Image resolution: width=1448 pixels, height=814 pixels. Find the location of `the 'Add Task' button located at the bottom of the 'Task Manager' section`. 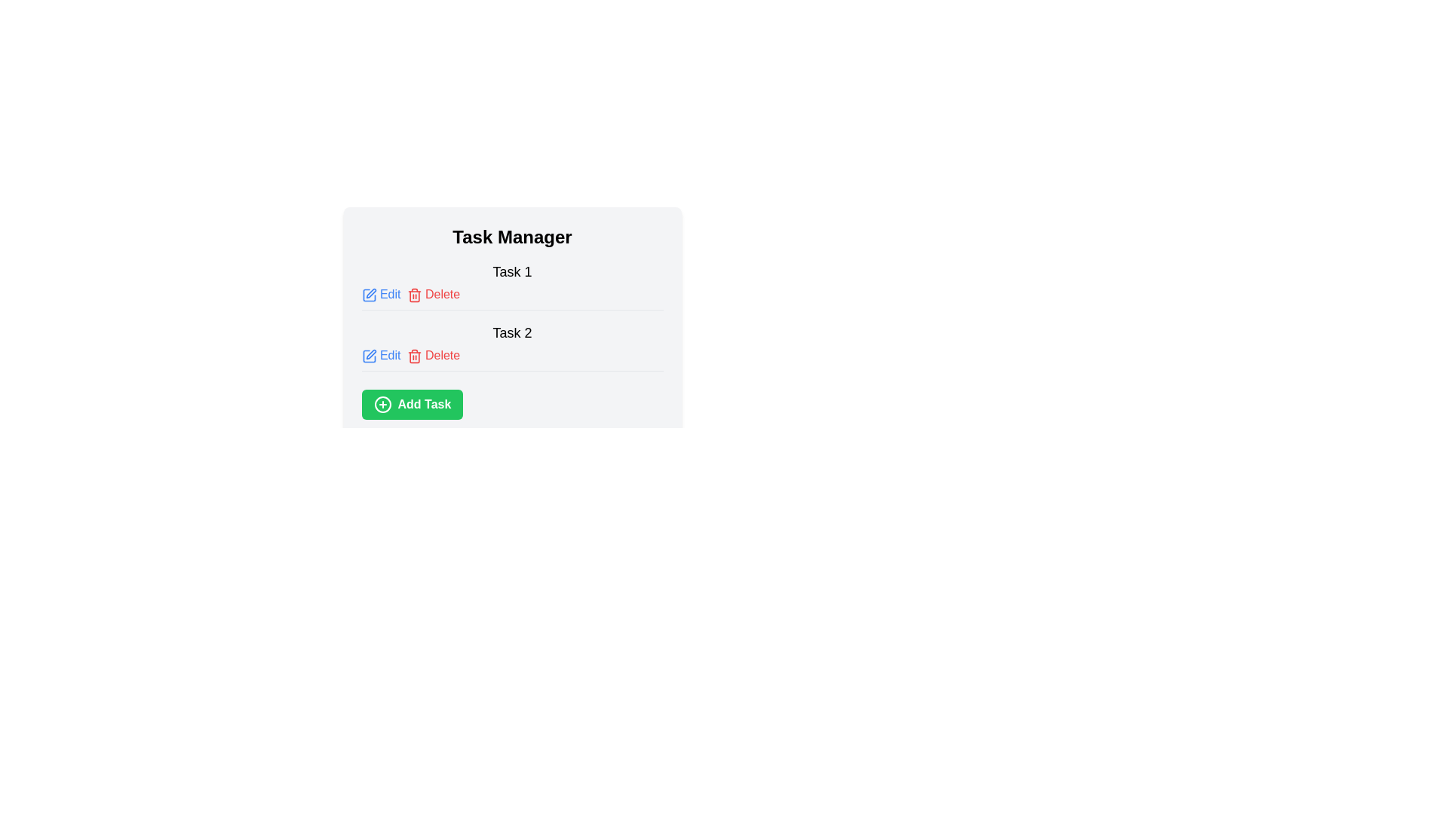

the 'Add Task' button located at the bottom of the 'Task Manager' section is located at coordinates (412, 403).